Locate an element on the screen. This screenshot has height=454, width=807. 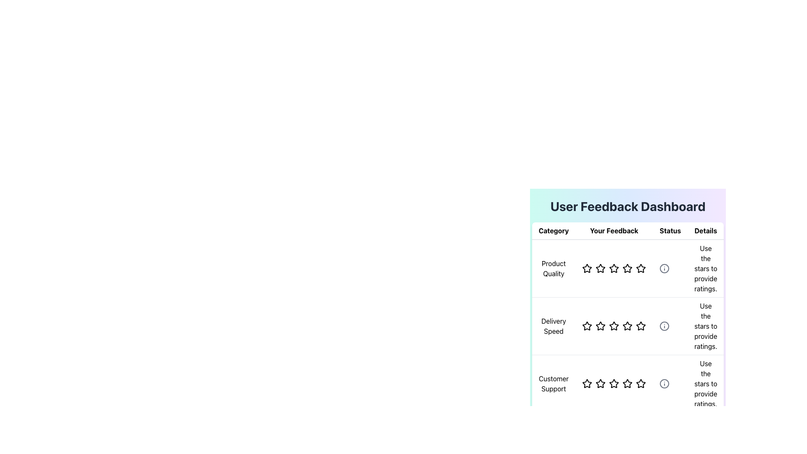
the first star in the rating system under the 'Your Feedback' column for 'Product Quality' is located at coordinates (587, 268).